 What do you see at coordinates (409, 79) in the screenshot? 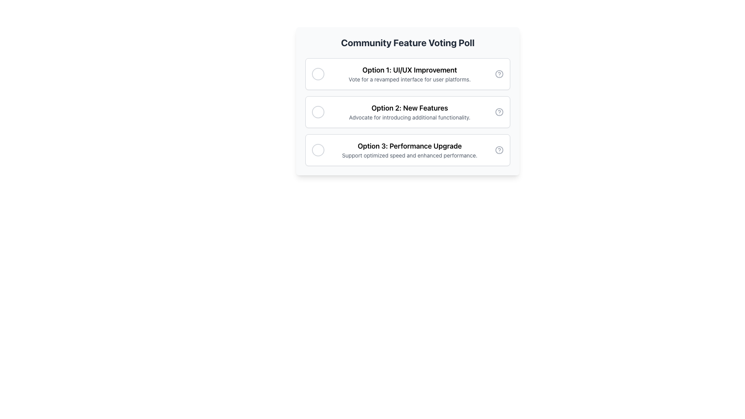
I see `the descriptive Text Label that elaborates the purpose of the 'Option 1' selection in the voting interface` at bounding box center [409, 79].